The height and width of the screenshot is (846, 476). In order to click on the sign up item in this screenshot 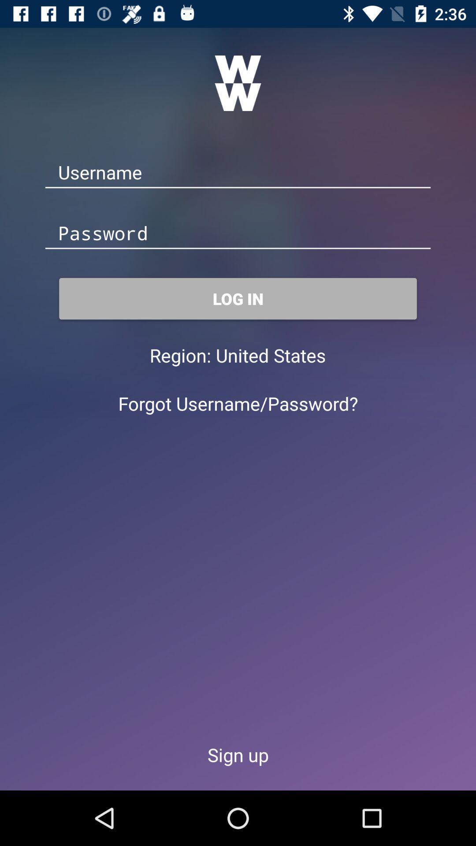, I will do `click(238, 754)`.